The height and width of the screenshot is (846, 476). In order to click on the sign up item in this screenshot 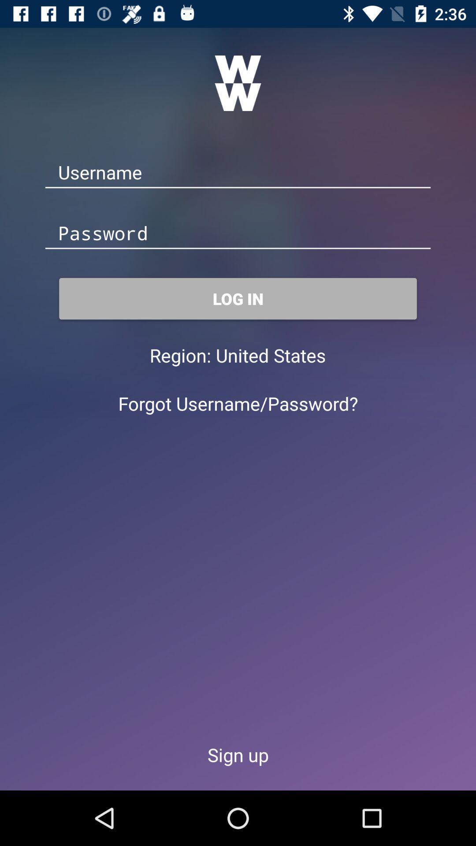, I will do `click(238, 754)`.